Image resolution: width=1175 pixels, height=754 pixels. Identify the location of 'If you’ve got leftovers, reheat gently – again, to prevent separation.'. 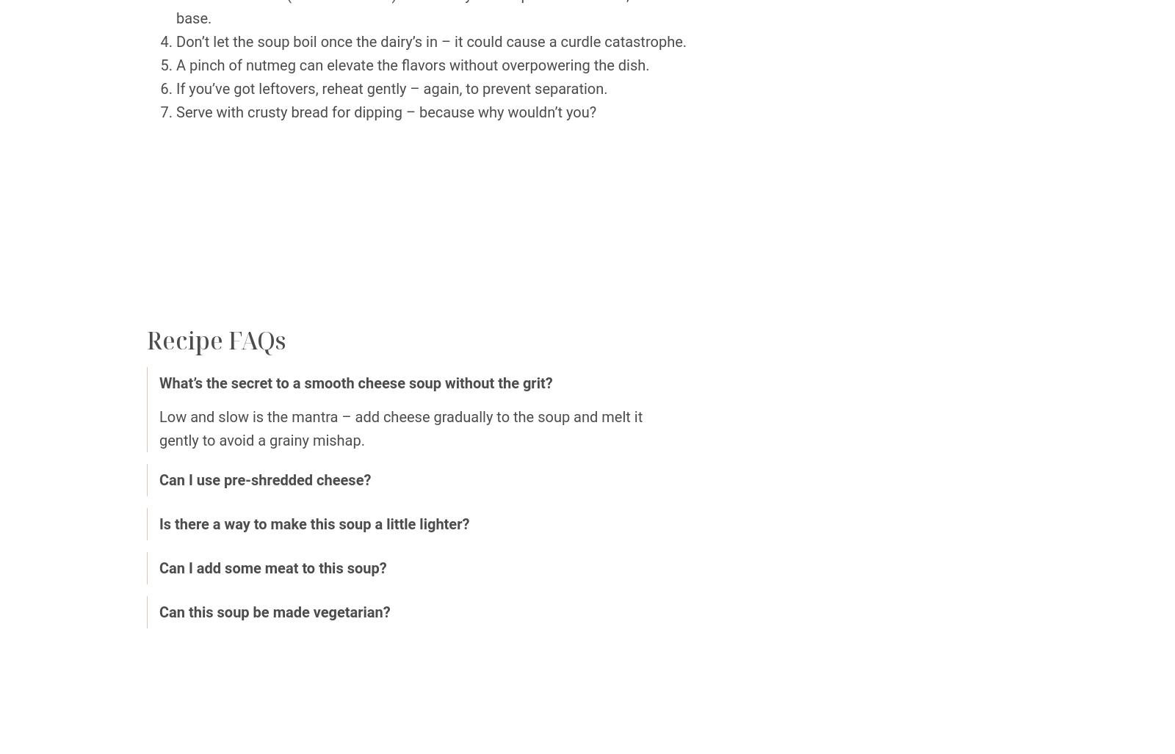
(391, 88).